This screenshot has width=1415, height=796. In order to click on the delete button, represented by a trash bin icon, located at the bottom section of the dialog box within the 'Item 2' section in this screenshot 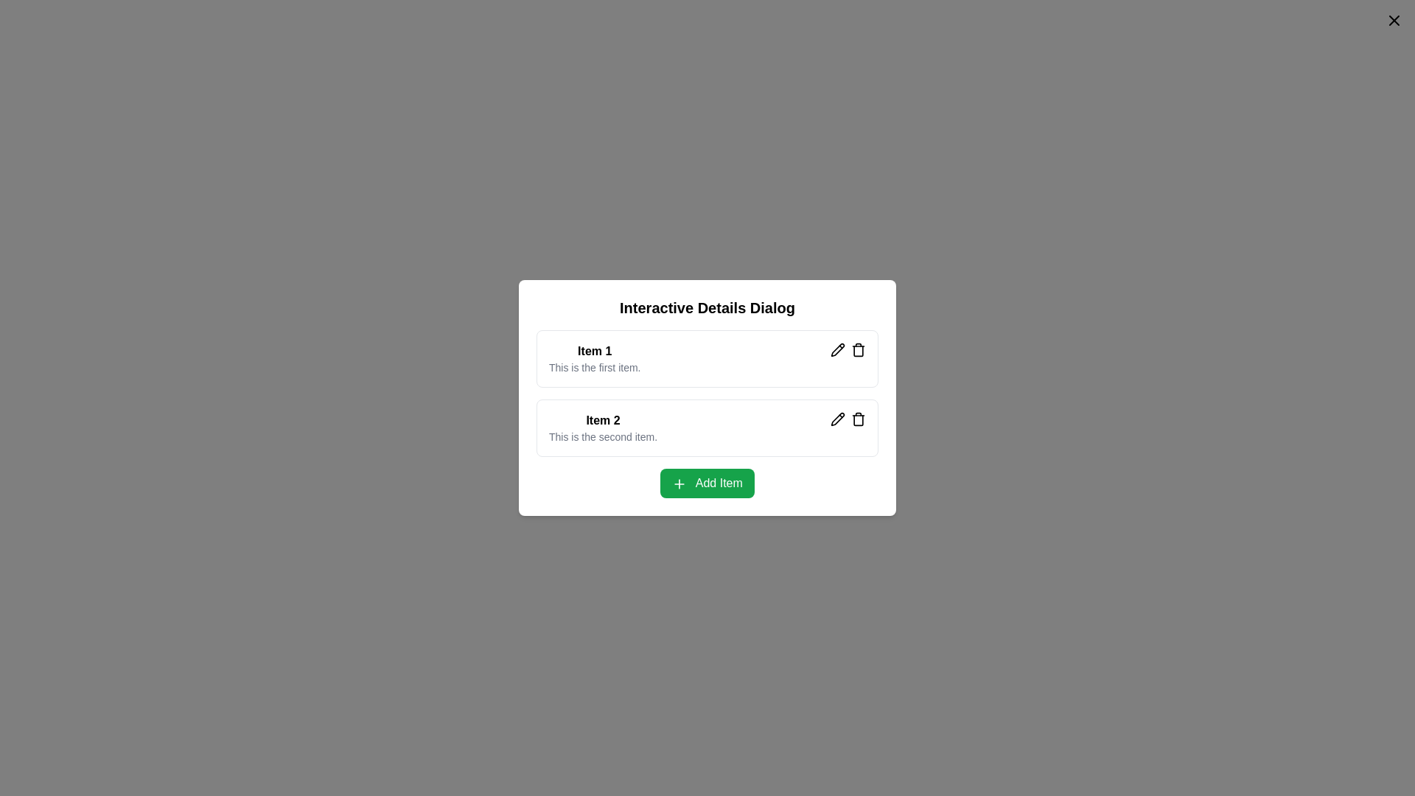, I will do `click(859, 419)`.